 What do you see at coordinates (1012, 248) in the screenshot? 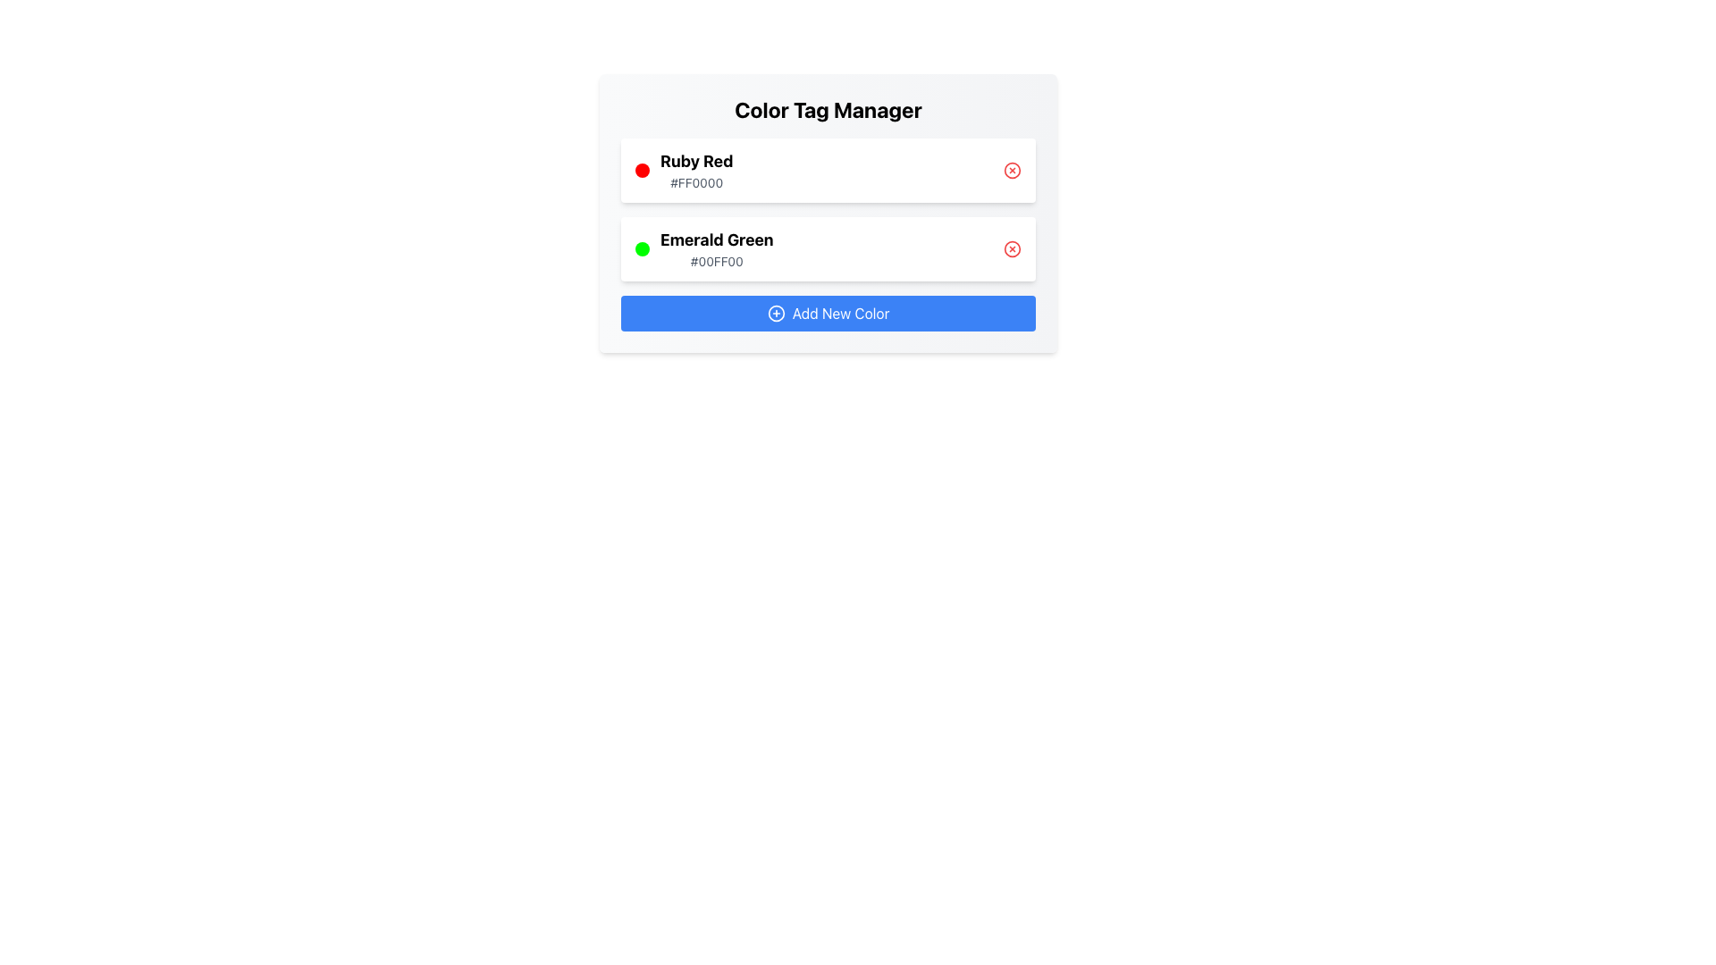
I see `the delete button for the 'Emerald Green' entry` at bounding box center [1012, 248].